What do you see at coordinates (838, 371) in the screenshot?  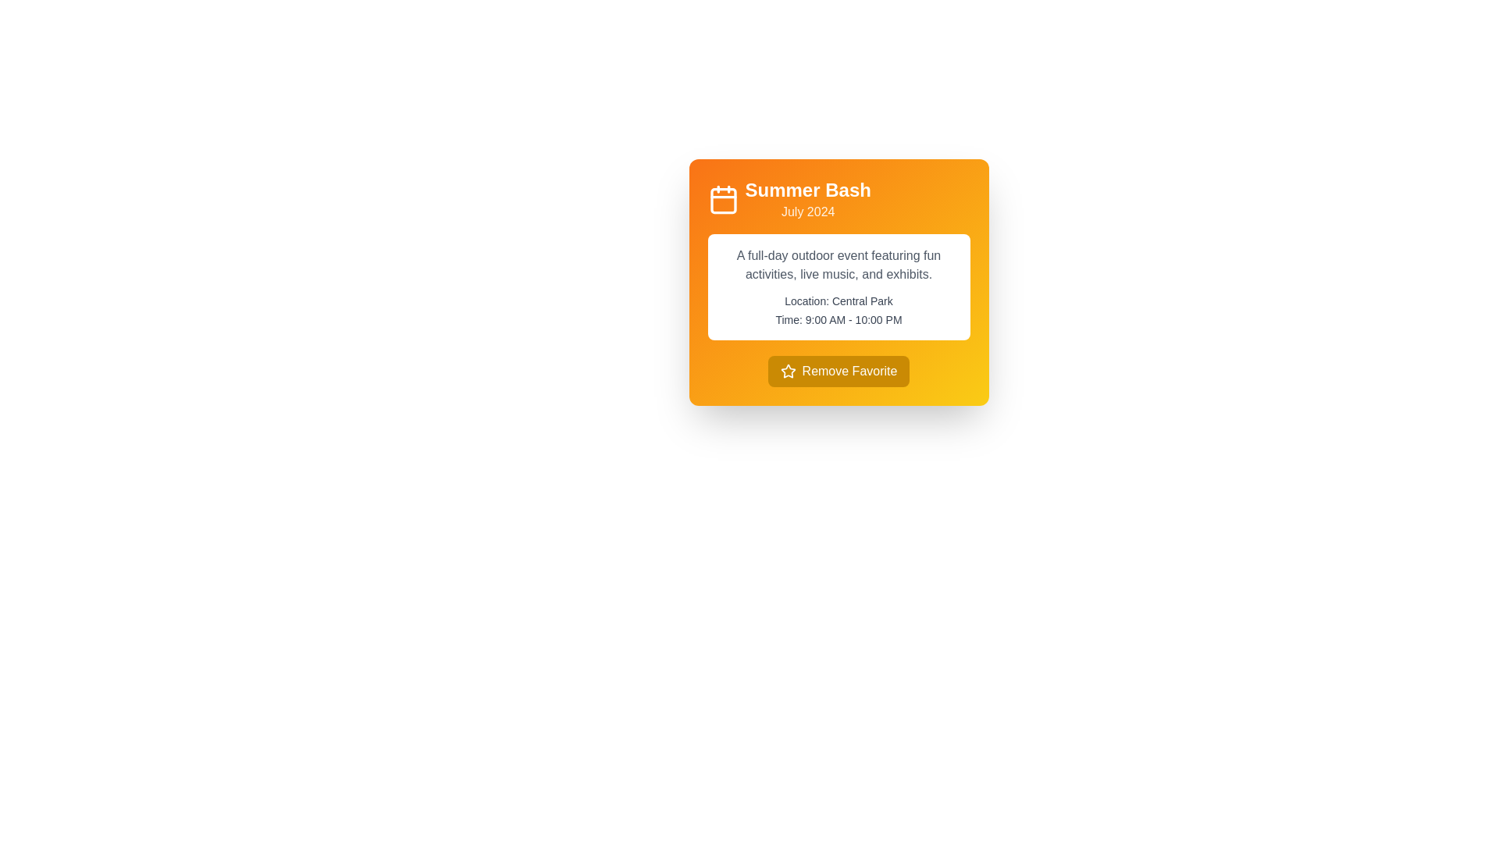 I see `the button that allows the user to remove an event from their favorites, located at the bottom of the card with an orange gradient background` at bounding box center [838, 371].